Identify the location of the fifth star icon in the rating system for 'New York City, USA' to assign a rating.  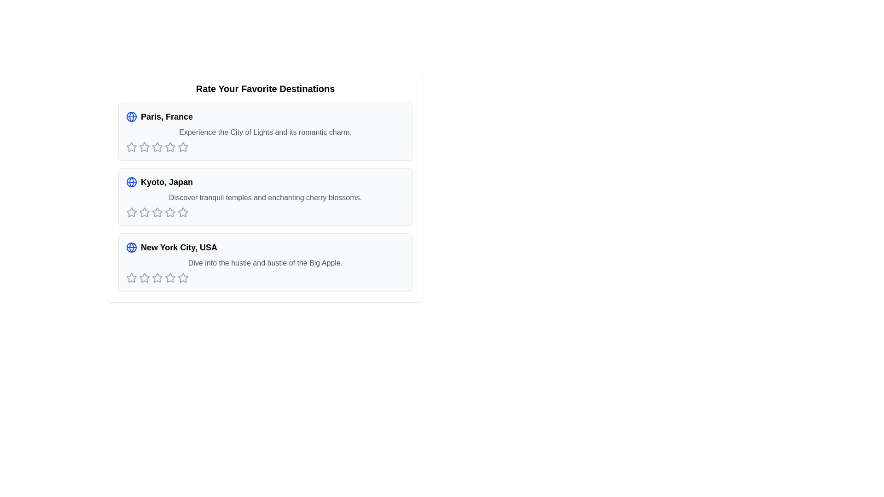
(183, 277).